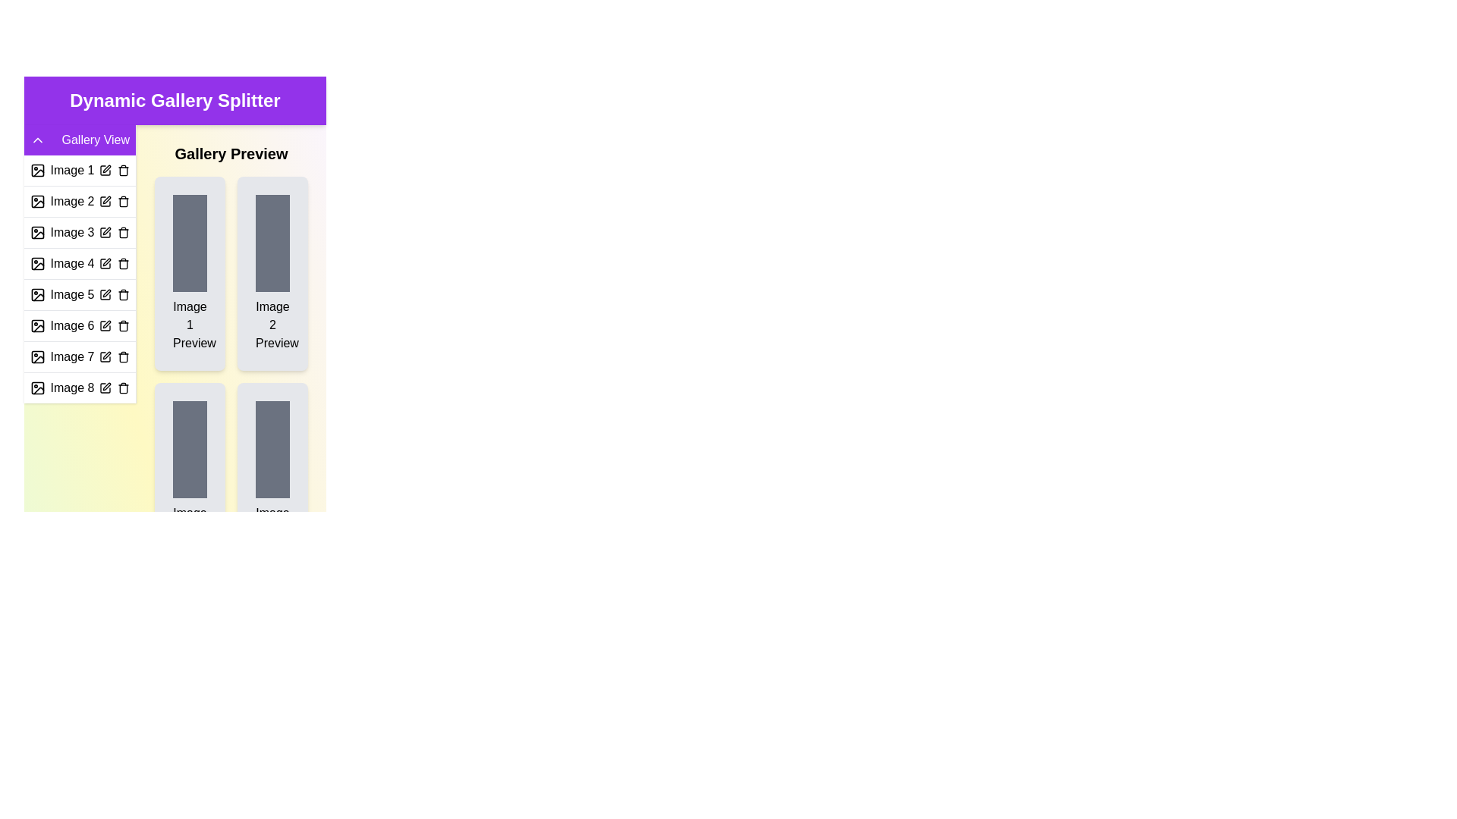  Describe the element at coordinates (105, 388) in the screenshot. I see `the edit button, which is the leftmost element in the horizontal group beside 'Image 8', to observe a color change indicating interactivity` at that location.